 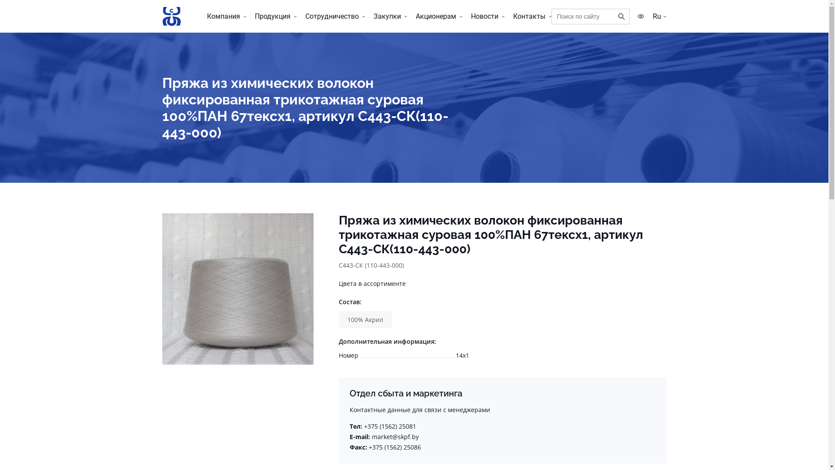 What do you see at coordinates (371, 436) in the screenshot?
I see `'market@skpf.by'` at bounding box center [371, 436].